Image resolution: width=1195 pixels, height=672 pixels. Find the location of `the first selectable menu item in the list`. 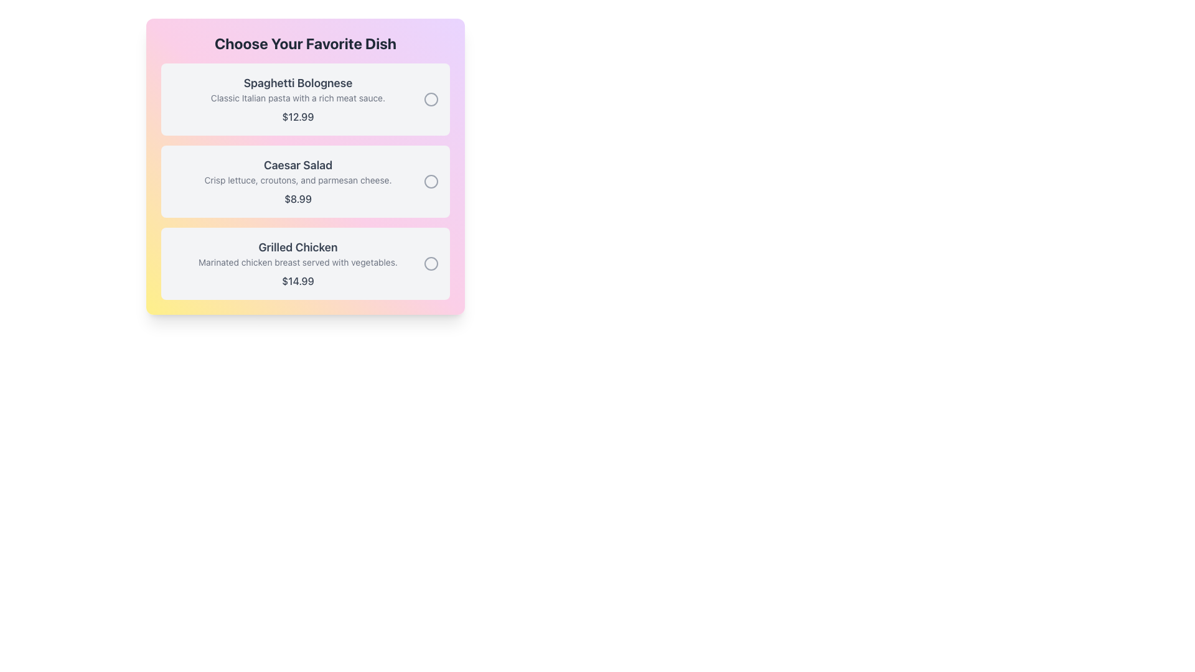

the first selectable menu item in the list is located at coordinates (298, 98).